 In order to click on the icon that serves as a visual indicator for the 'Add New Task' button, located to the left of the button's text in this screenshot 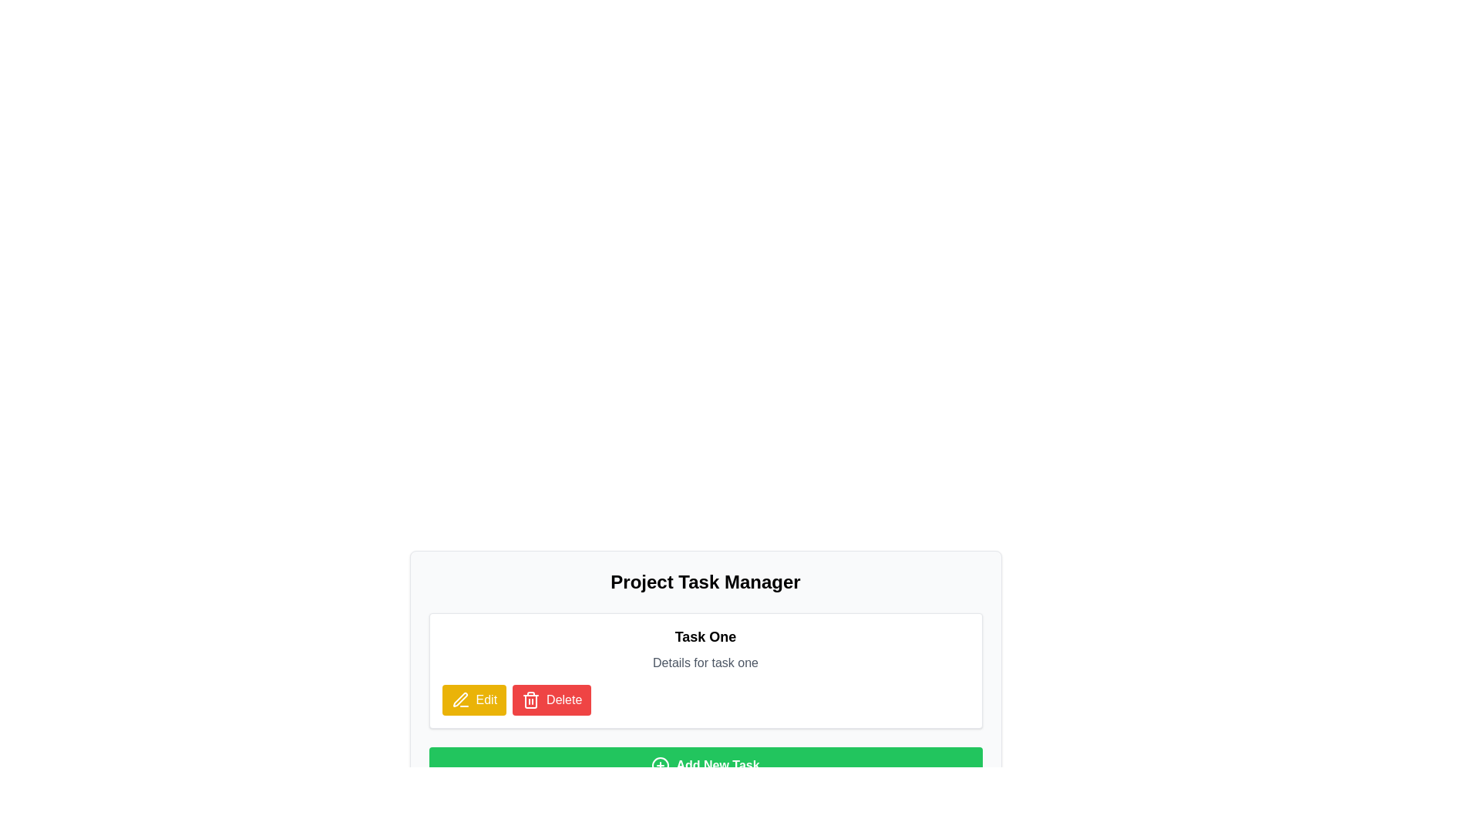, I will do `click(661, 766)`.